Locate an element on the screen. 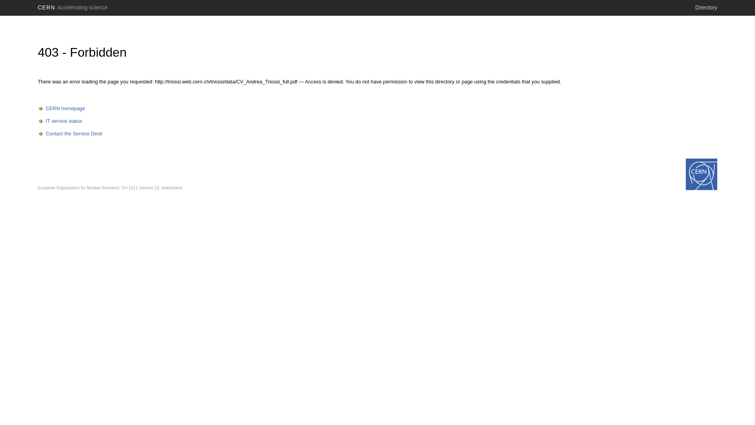  'Contact the Service Desk' is located at coordinates (70, 133).